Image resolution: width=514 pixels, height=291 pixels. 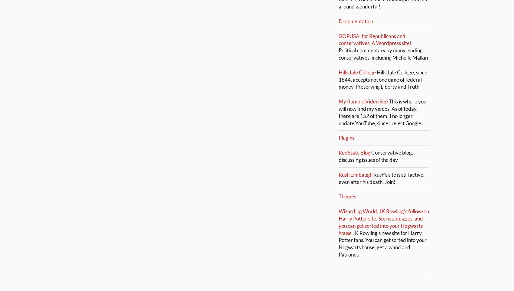 I want to click on 'Hillsdale College', so click(x=357, y=72).